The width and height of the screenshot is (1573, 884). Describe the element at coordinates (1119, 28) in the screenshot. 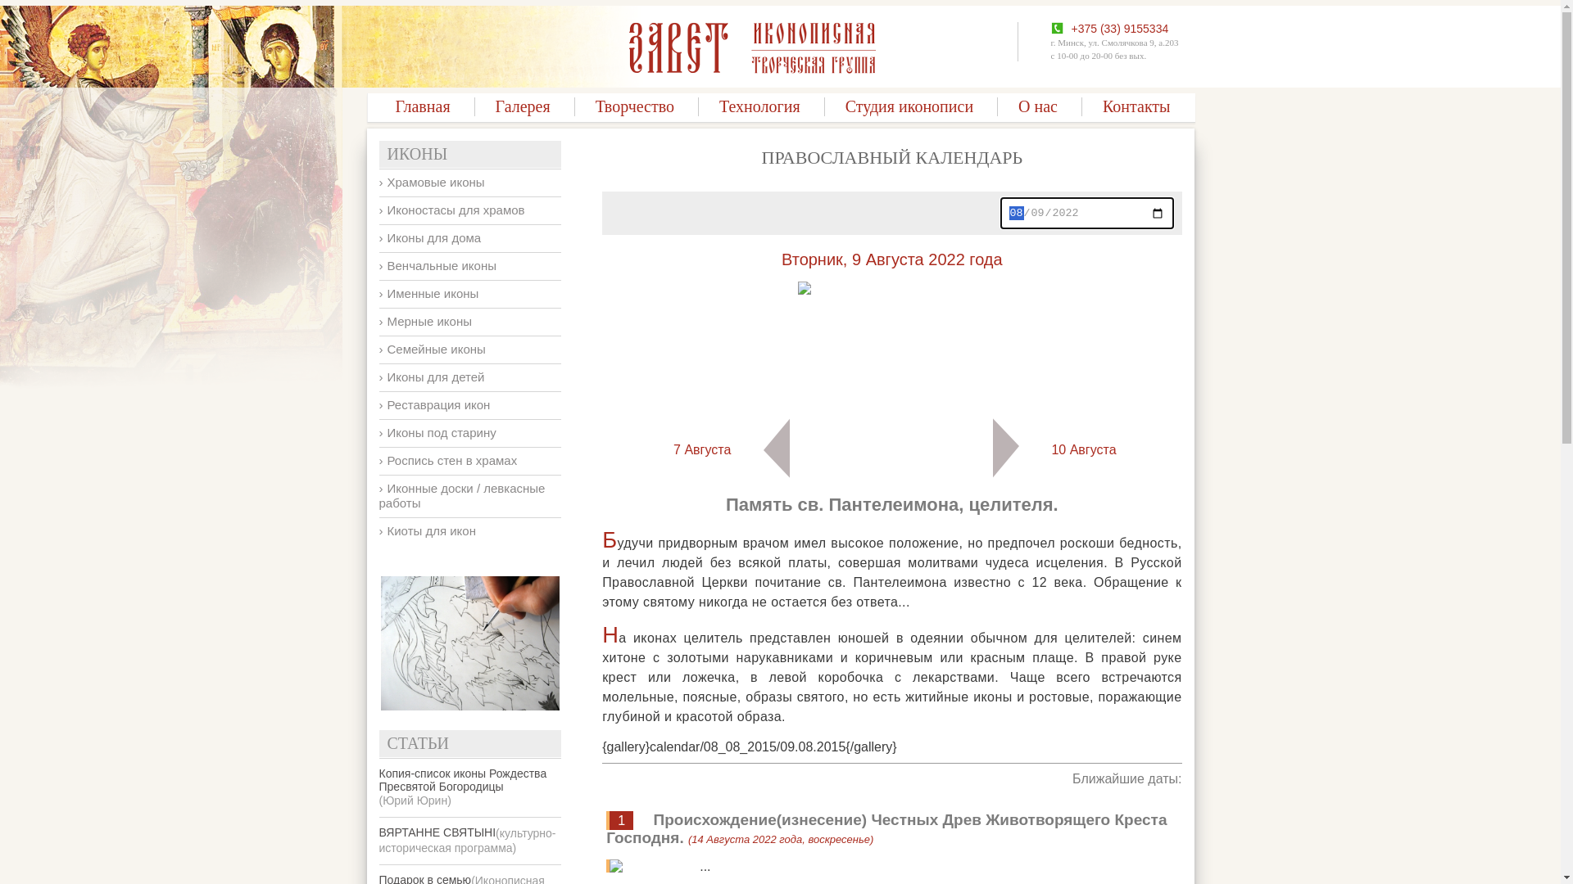

I see `'+375 (33) 9155334'` at that location.